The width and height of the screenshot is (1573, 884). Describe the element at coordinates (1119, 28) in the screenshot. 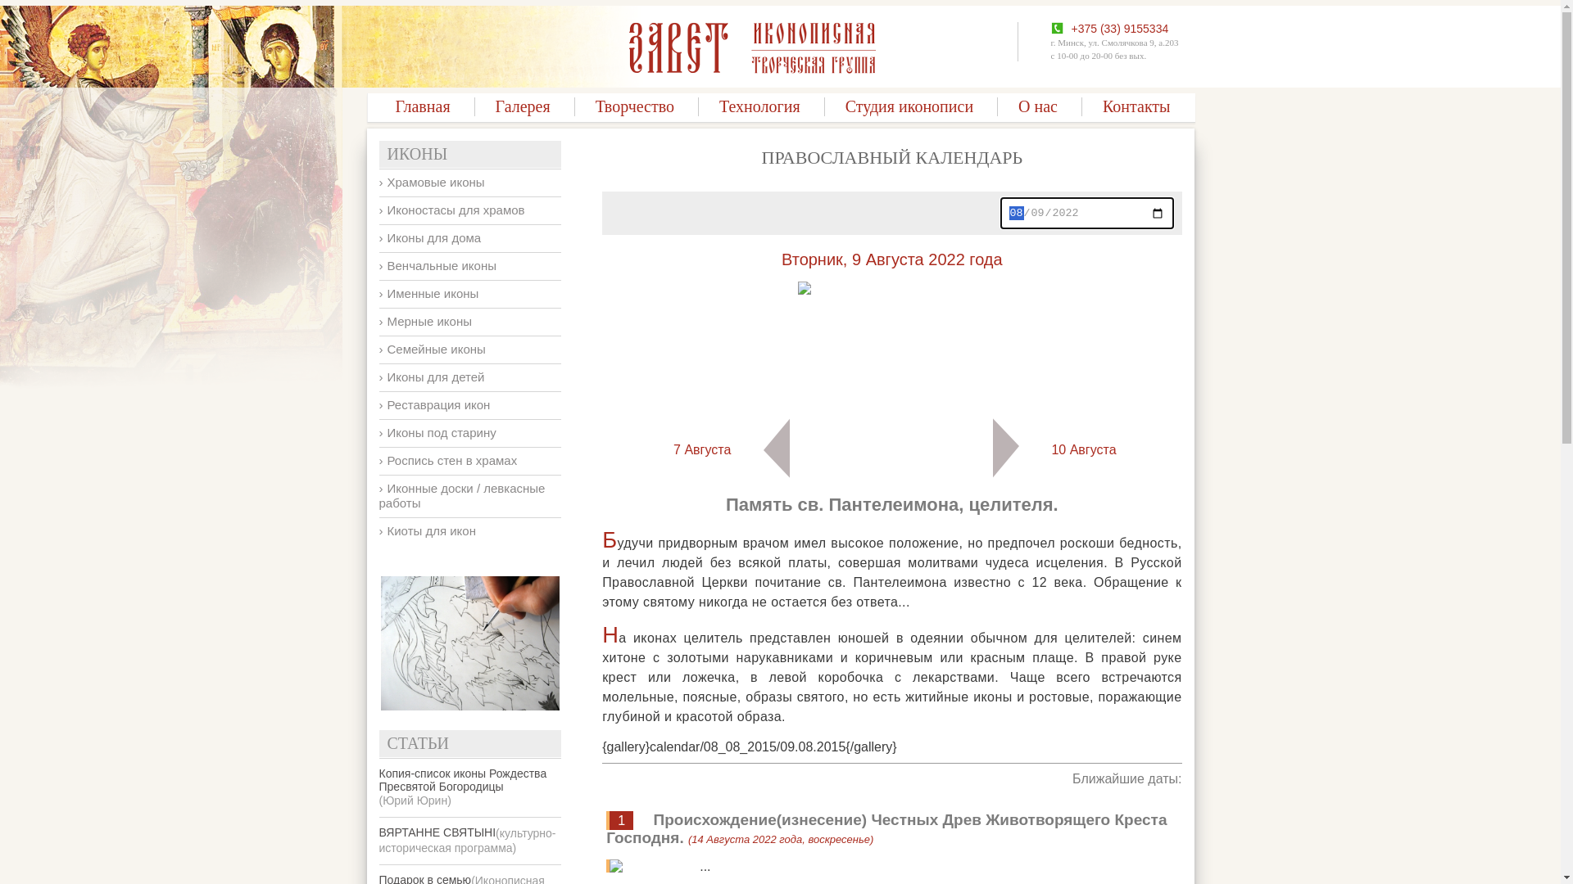

I see `'+375 (33) 9155334'` at that location.